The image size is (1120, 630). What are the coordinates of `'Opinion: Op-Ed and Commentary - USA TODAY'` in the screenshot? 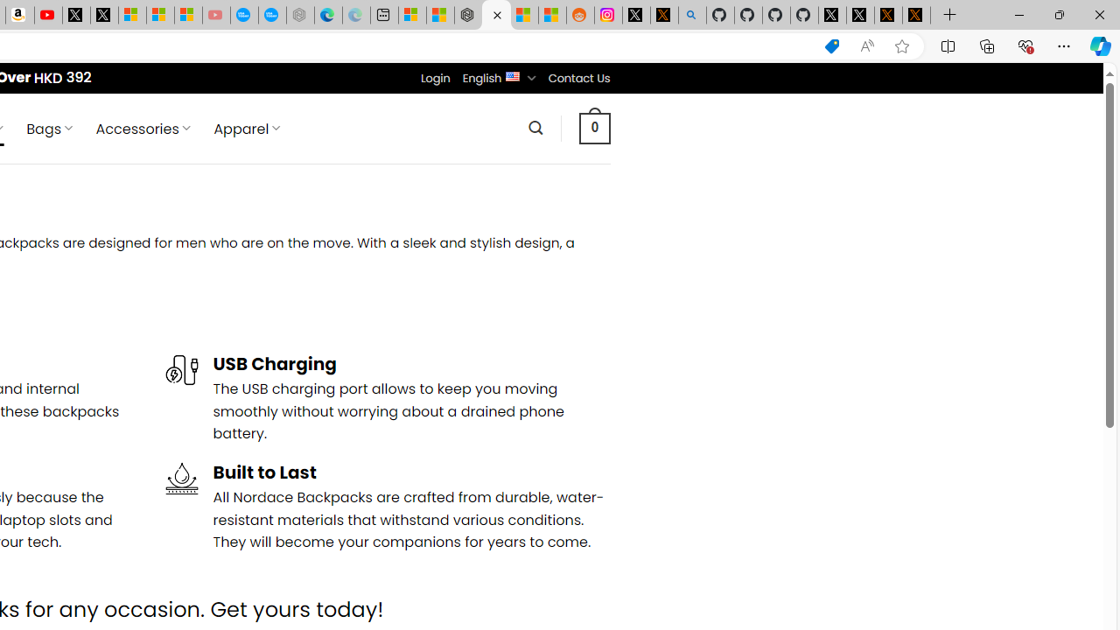 It's located at (243, 15).